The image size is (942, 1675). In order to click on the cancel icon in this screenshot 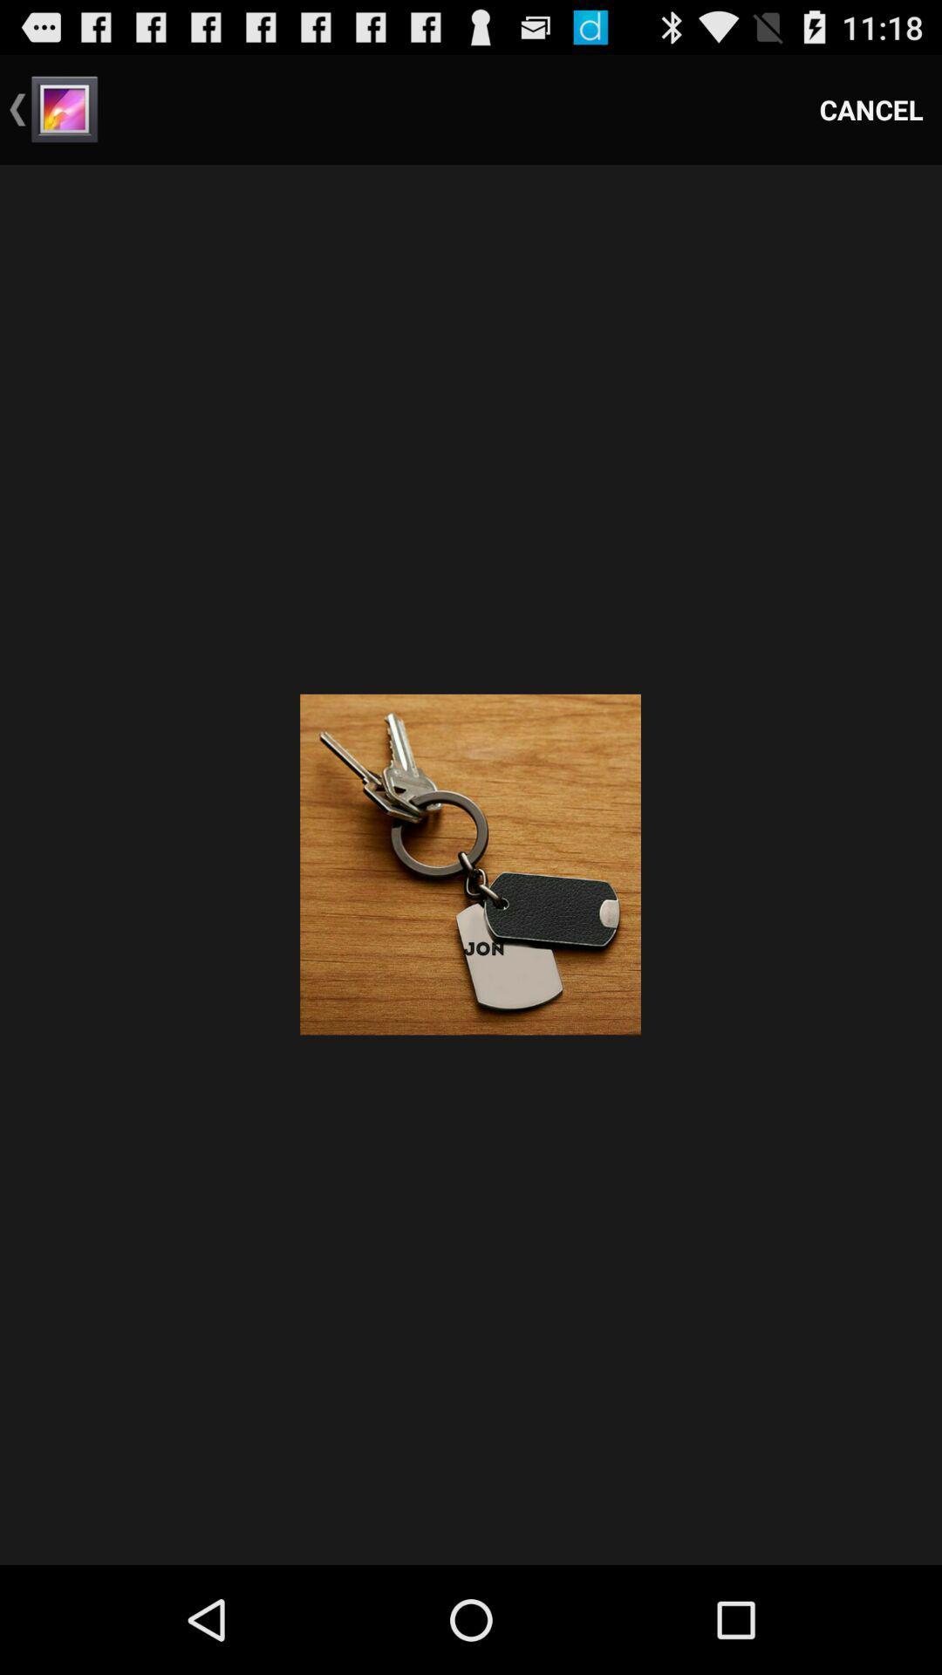, I will do `click(871, 108)`.